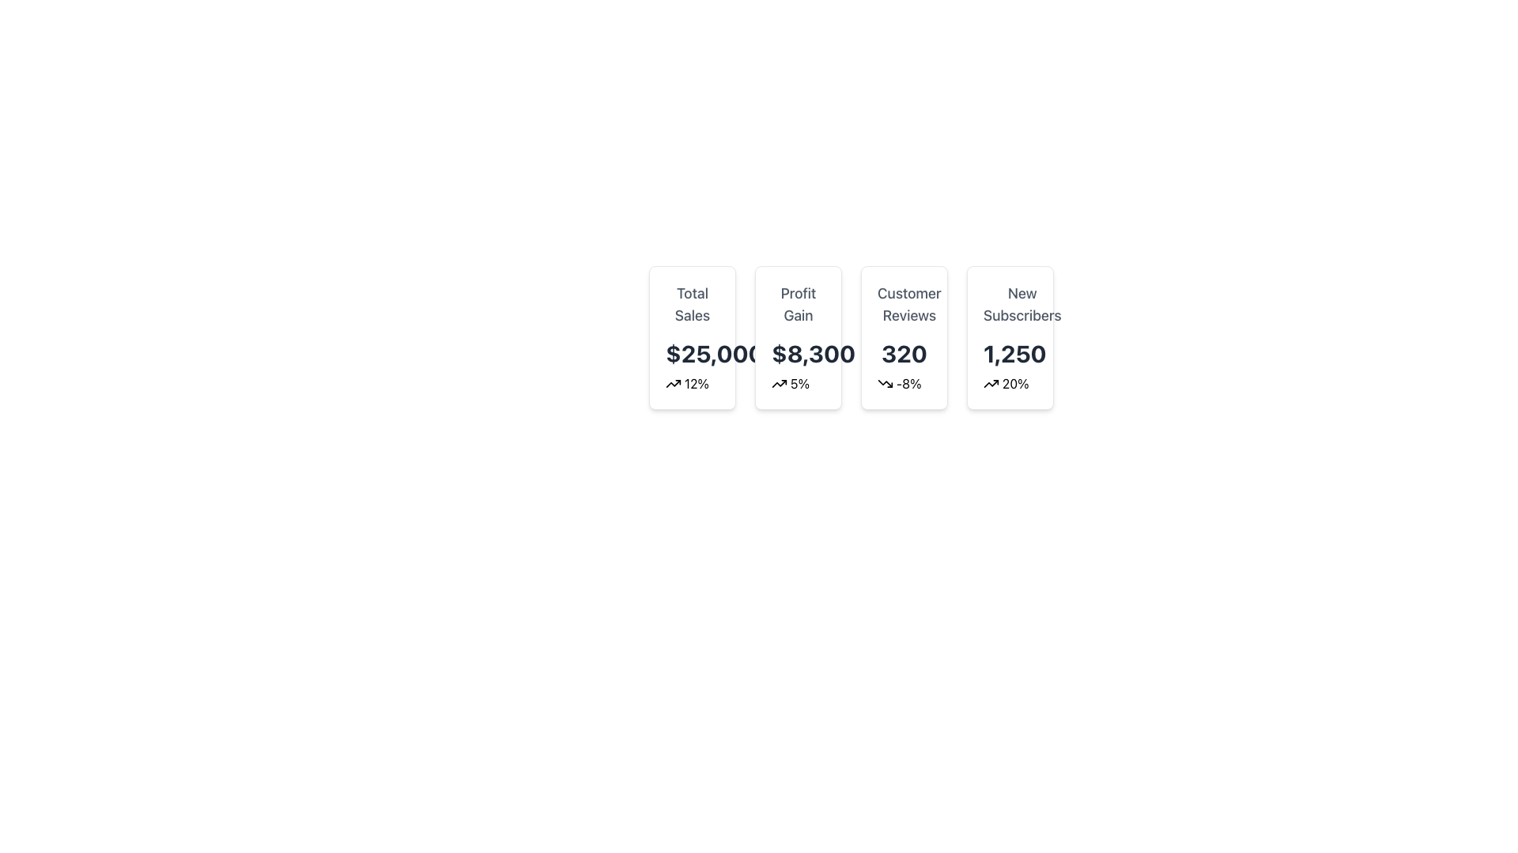  What do you see at coordinates (904, 384) in the screenshot?
I see `information from the Text with icon indicating a decrease of 8% in the Customer Reviews metric, located in the third card from the left, below the number '320'` at bounding box center [904, 384].